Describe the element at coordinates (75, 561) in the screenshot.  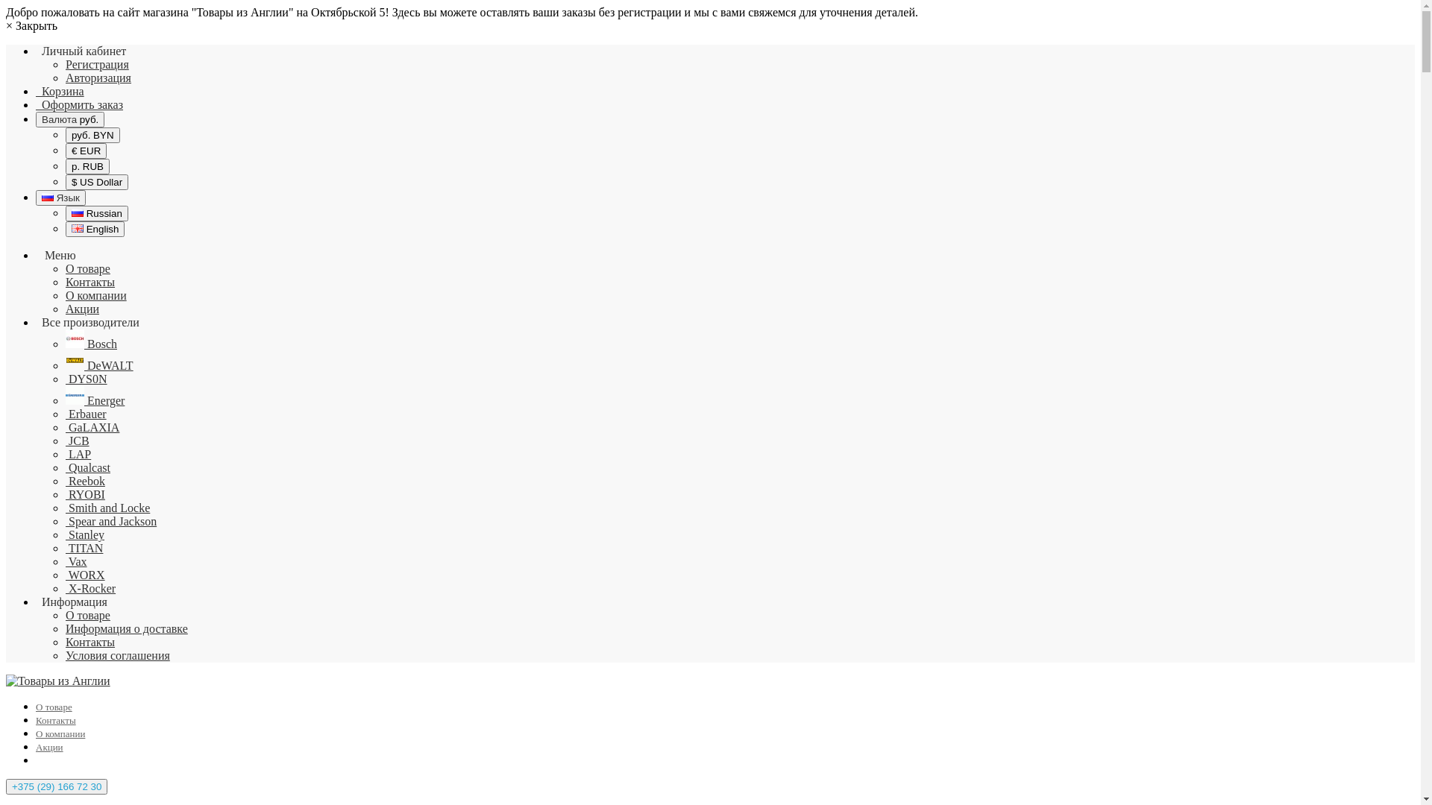
I see `'Vax'` at that location.